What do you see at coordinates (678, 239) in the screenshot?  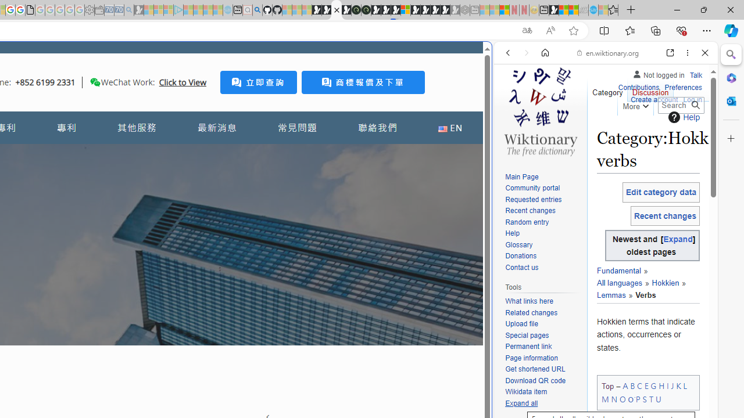 I see `'[Expand]'` at bounding box center [678, 239].